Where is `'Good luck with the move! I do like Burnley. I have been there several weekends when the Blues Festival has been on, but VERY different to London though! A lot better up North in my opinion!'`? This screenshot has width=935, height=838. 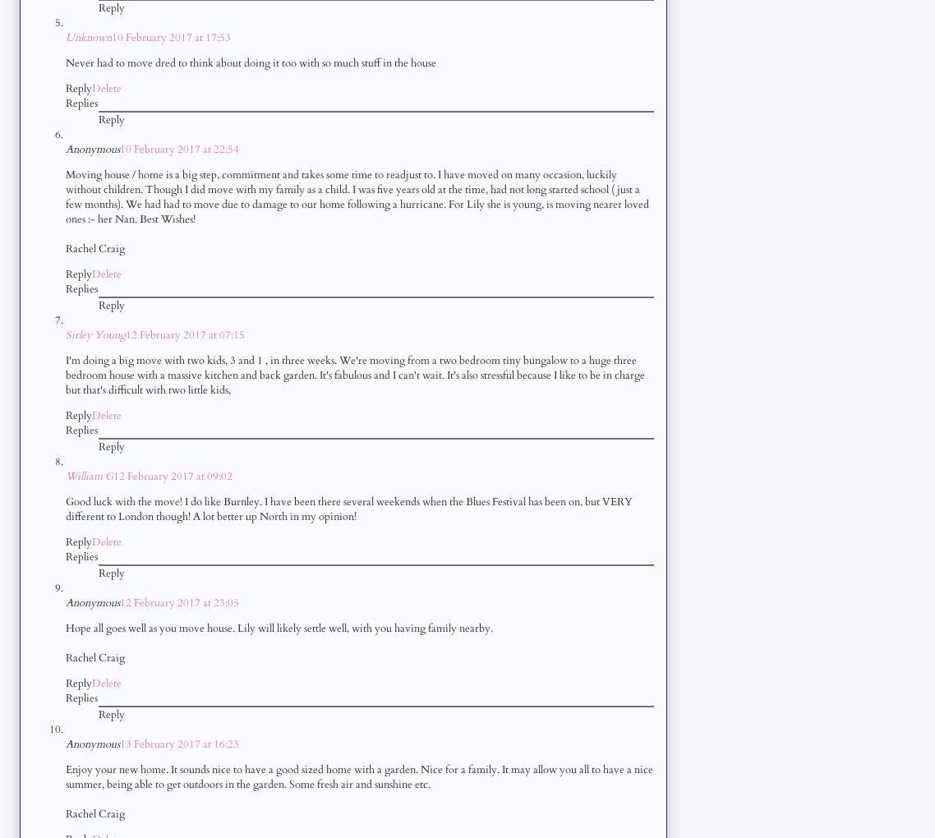
'Good luck with the move! I do like Burnley. I have been there several weekends when the Blues Festival has been on, but VERY different to London though! A lot better up North in my opinion!' is located at coordinates (65, 508).